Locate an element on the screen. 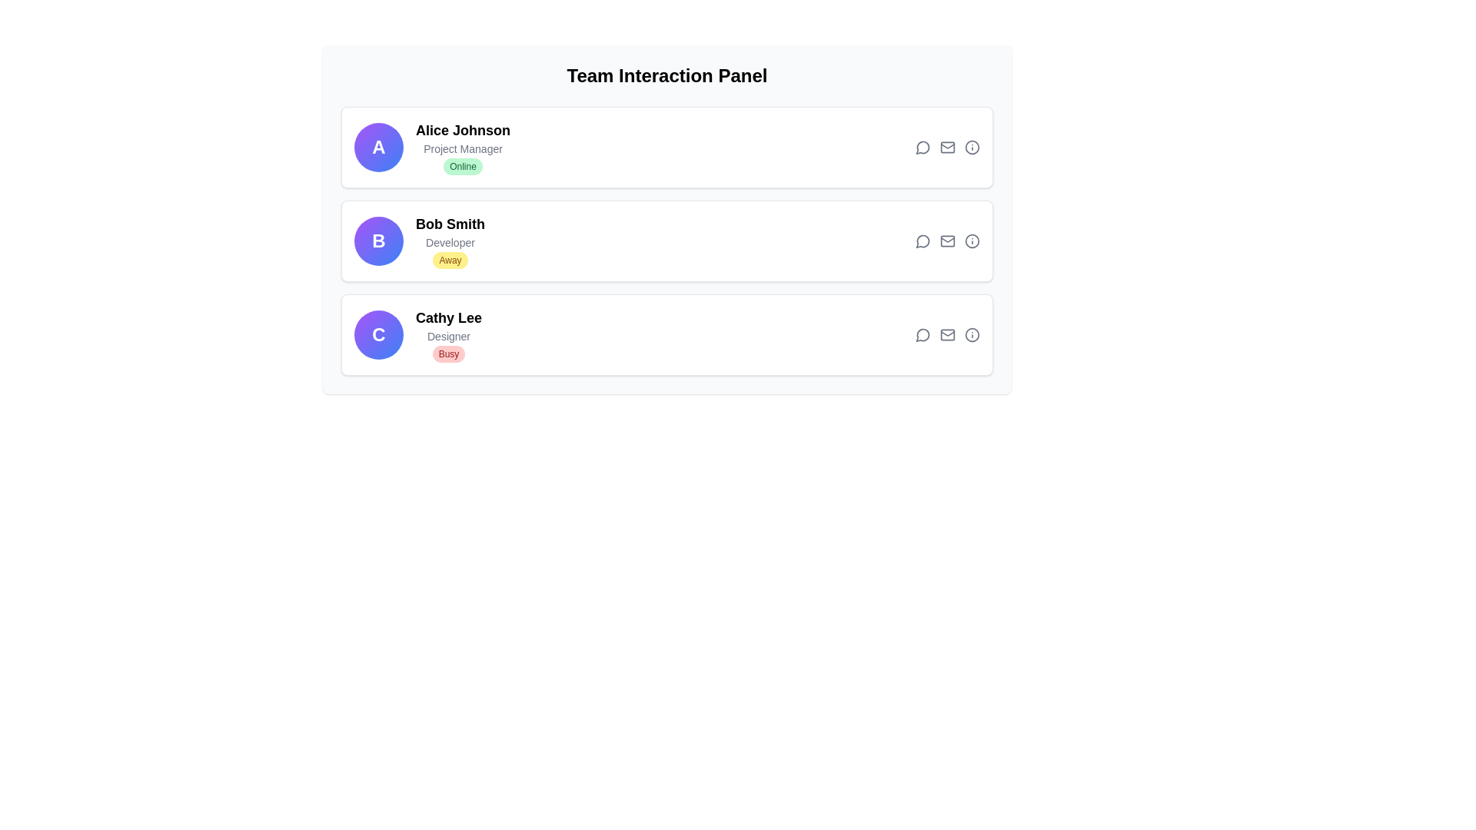 Image resolution: width=1476 pixels, height=830 pixels. the messaging icon located in the user card for 'Cathy Lee', which is the leftmost icon among four icons at the top right of the user's section is located at coordinates (922, 334).